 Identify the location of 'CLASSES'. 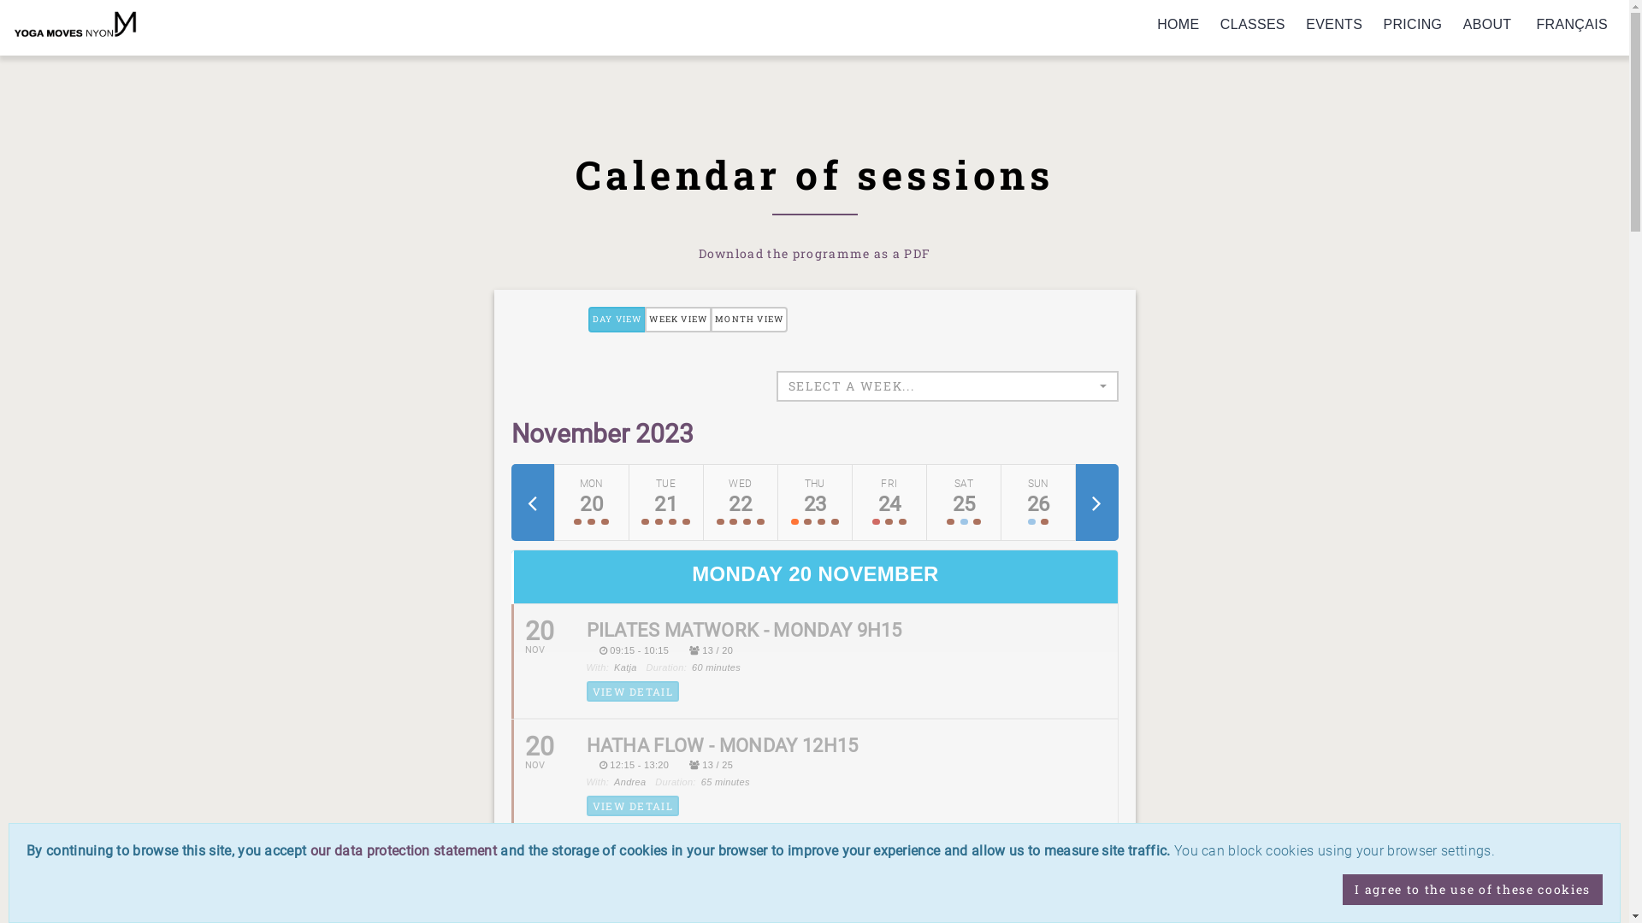
(1252, 25).